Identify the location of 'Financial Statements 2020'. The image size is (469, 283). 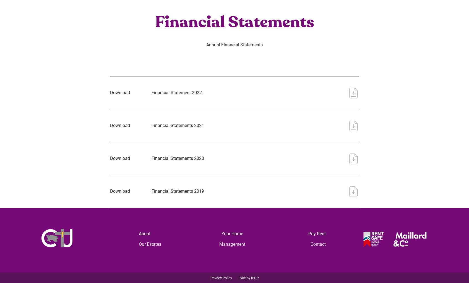
(177, 158).